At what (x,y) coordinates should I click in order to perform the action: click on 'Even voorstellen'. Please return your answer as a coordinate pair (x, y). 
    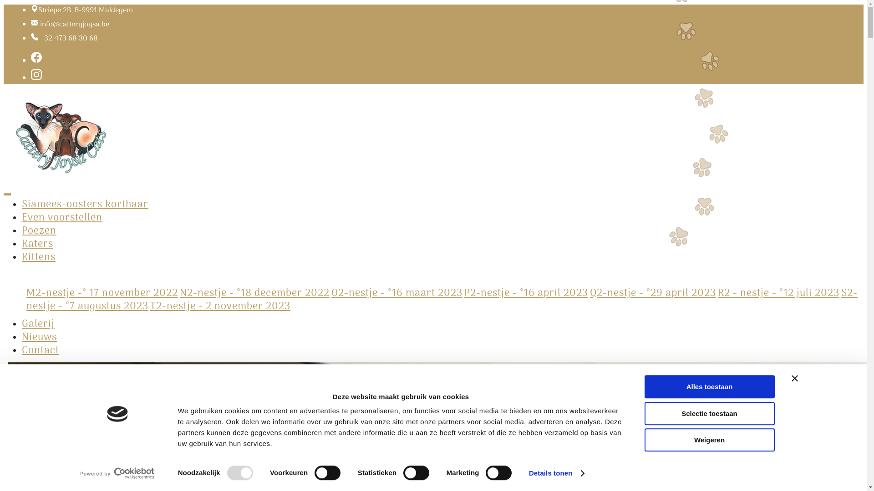
    Looking at the image, I should click on (61, 217).